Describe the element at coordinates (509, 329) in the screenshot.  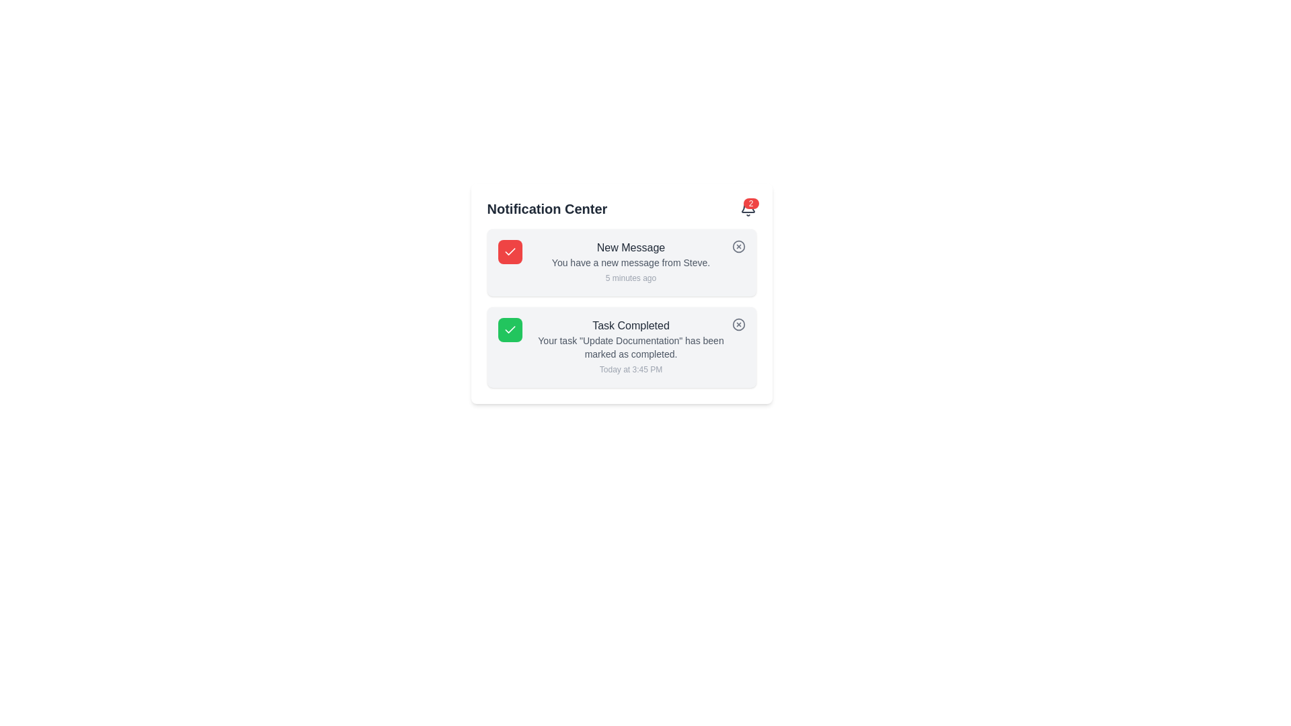
I see `the green circular icon with a white checkmark in the second notification box indicating 'Task Completed'` at that location.